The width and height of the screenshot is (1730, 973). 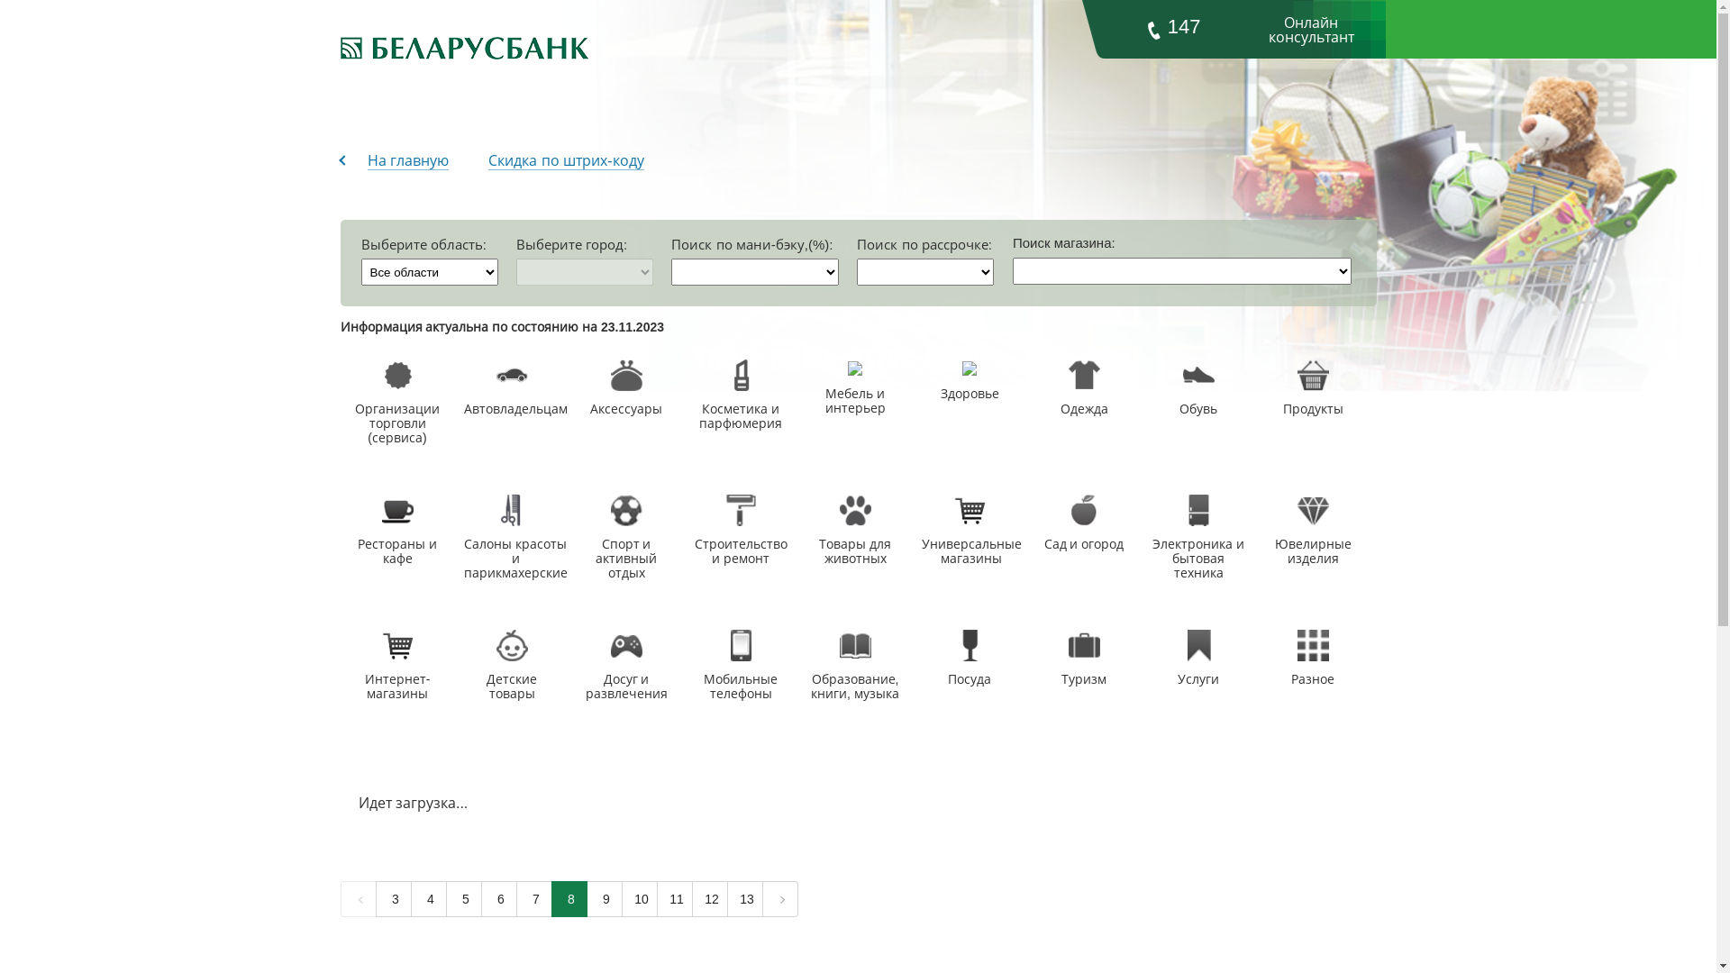 I want to click on '7', so click(x=532, y=899).